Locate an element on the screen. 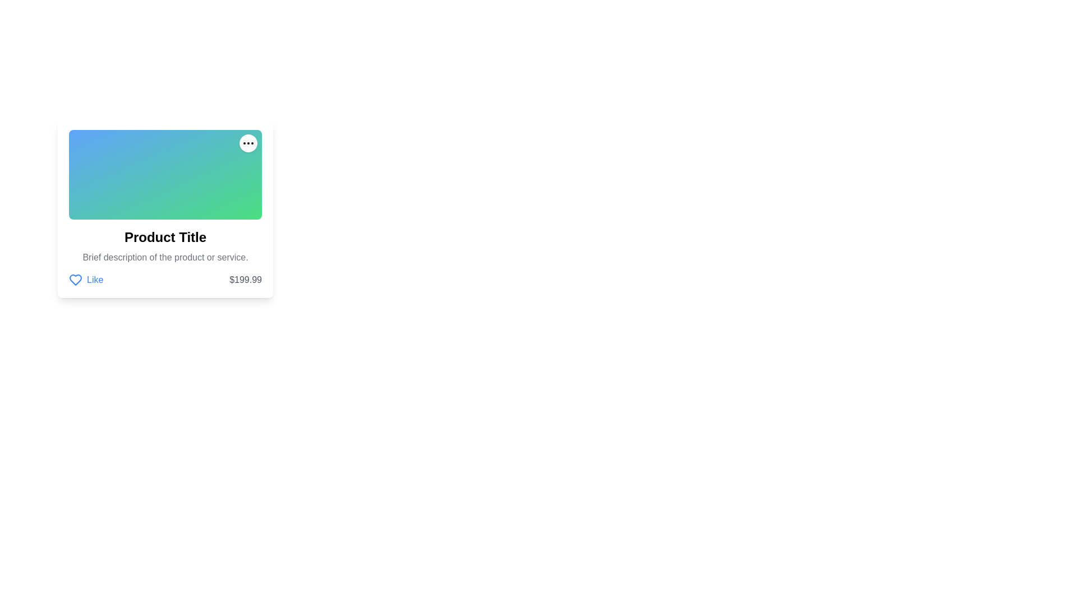 The width and height of the screenshot is (1077, 605). the heart icon located to the left of the text 'Like' to favorite the associated product is located at coordinates (75, 280).